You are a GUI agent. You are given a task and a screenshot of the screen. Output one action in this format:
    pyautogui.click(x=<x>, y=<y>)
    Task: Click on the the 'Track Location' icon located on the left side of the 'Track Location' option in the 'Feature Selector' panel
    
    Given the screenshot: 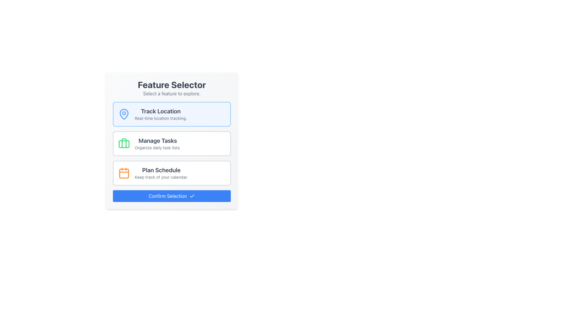 What is the action you would take?
    pyautogui.click(x=124, y=114)
    